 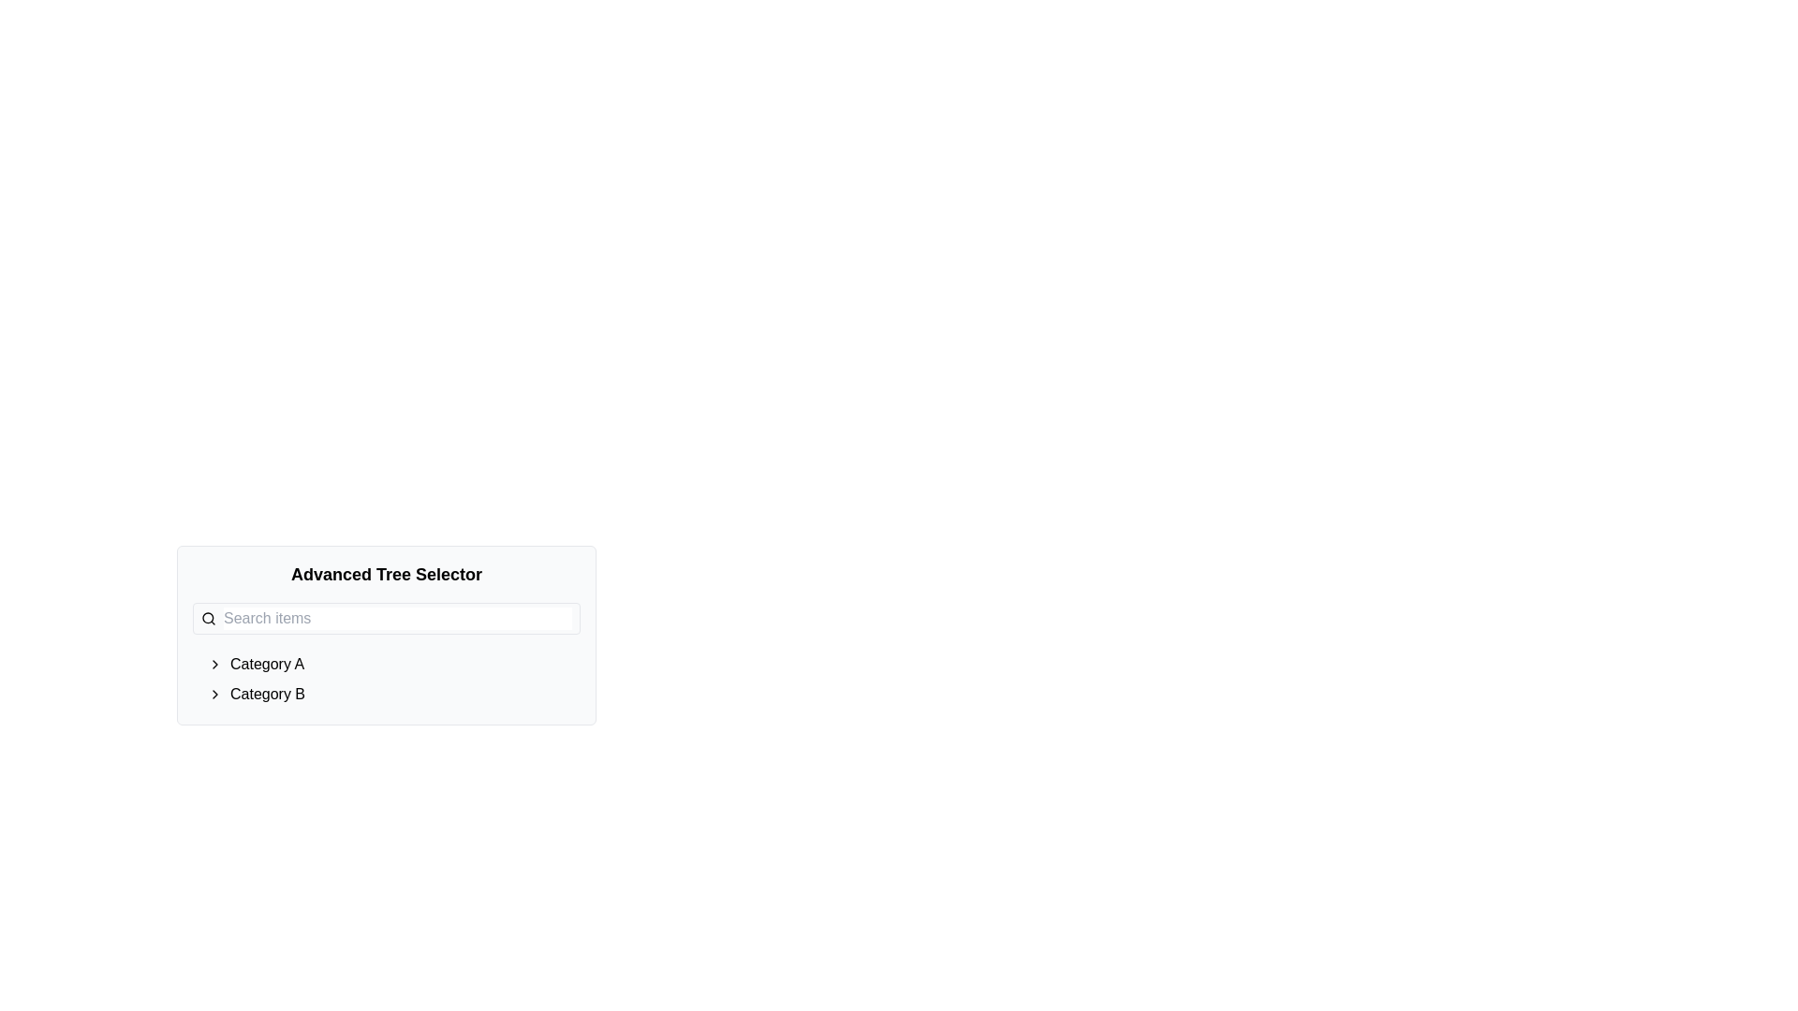 What do you see at coordinates (215, 663) in the screenshot?
I see `the right-pointing chevron icon located to the left of 'Category A'` at bounding box center [215, 663].